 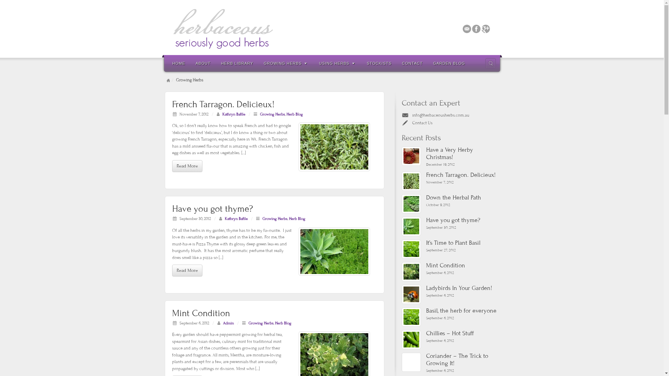 I want to click on 'HERB LIBRARY', so click(x=237, y=63).